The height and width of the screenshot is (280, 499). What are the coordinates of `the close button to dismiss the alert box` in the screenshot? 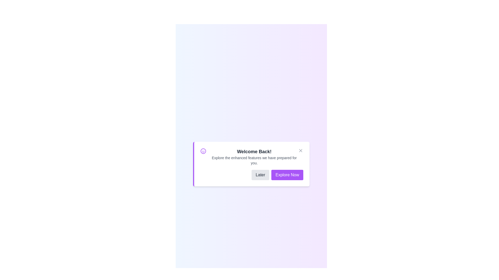 It's located at (300, 151).